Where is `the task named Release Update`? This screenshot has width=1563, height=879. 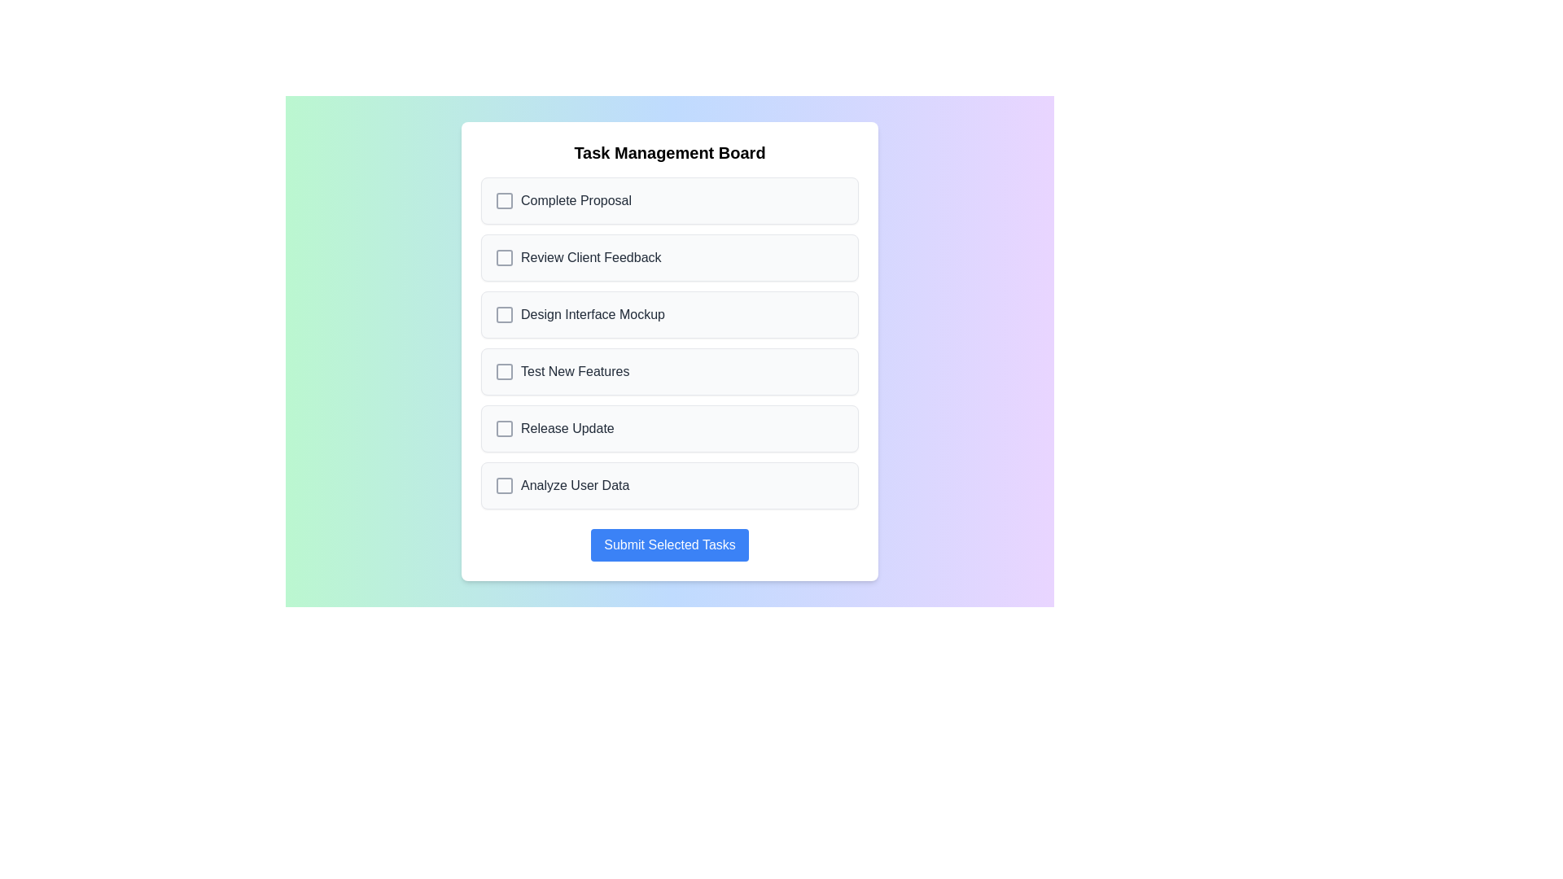
the task named Release Update is located at coordinates (669, 428).